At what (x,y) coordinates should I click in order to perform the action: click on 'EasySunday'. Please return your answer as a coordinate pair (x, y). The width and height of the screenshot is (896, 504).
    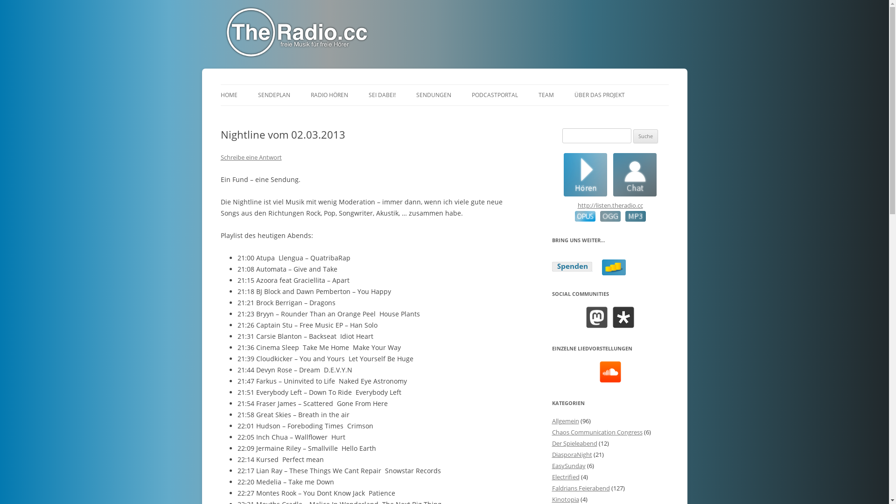
    Looking at the image, I should click on (568, 466).